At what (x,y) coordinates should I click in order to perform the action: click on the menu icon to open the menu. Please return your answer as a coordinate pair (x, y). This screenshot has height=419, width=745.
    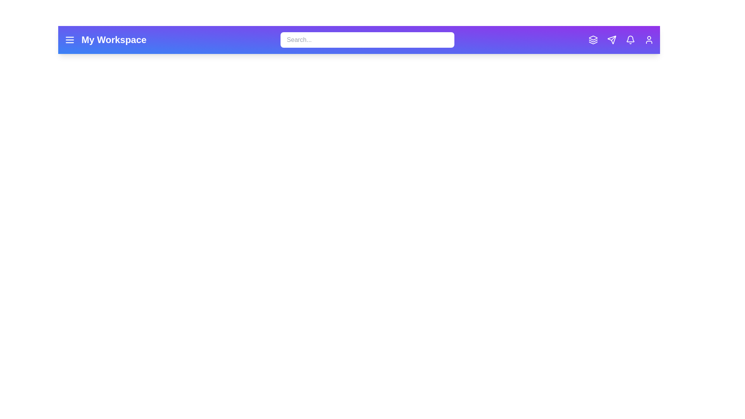
    Looking at the image, I should click on (70, 40).